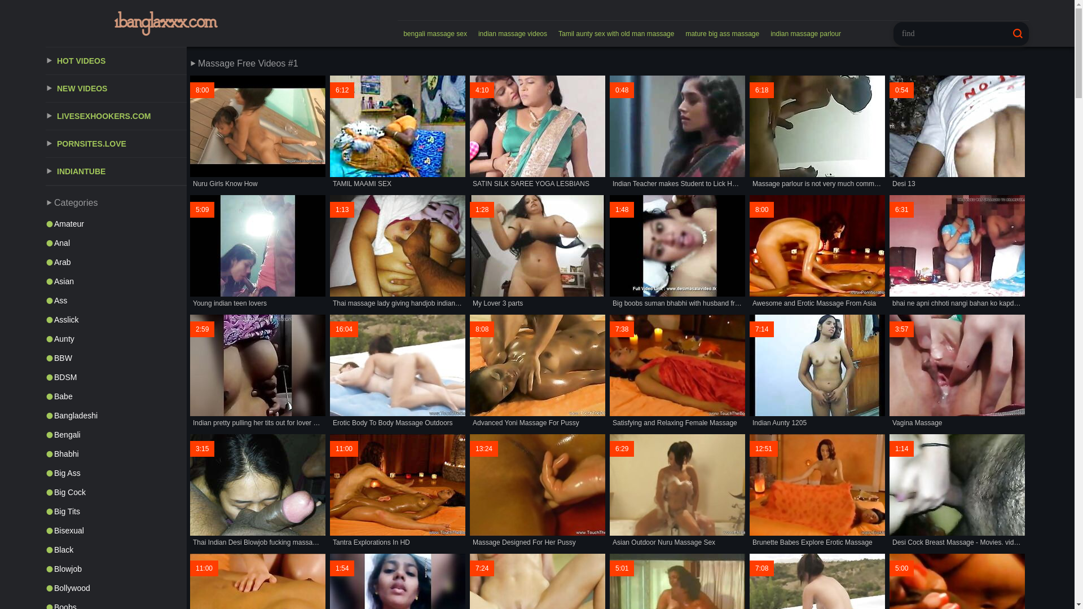 This screenshot has height=609, width=1083. I want to click on 'Asslick', so click(116, 320).